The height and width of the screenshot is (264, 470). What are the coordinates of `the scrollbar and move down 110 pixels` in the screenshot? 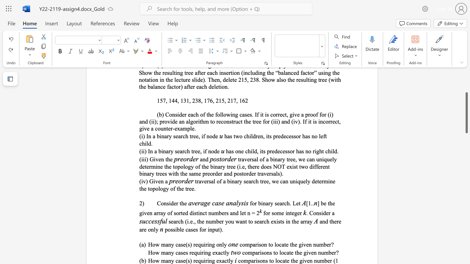 It's located at (466, 113).